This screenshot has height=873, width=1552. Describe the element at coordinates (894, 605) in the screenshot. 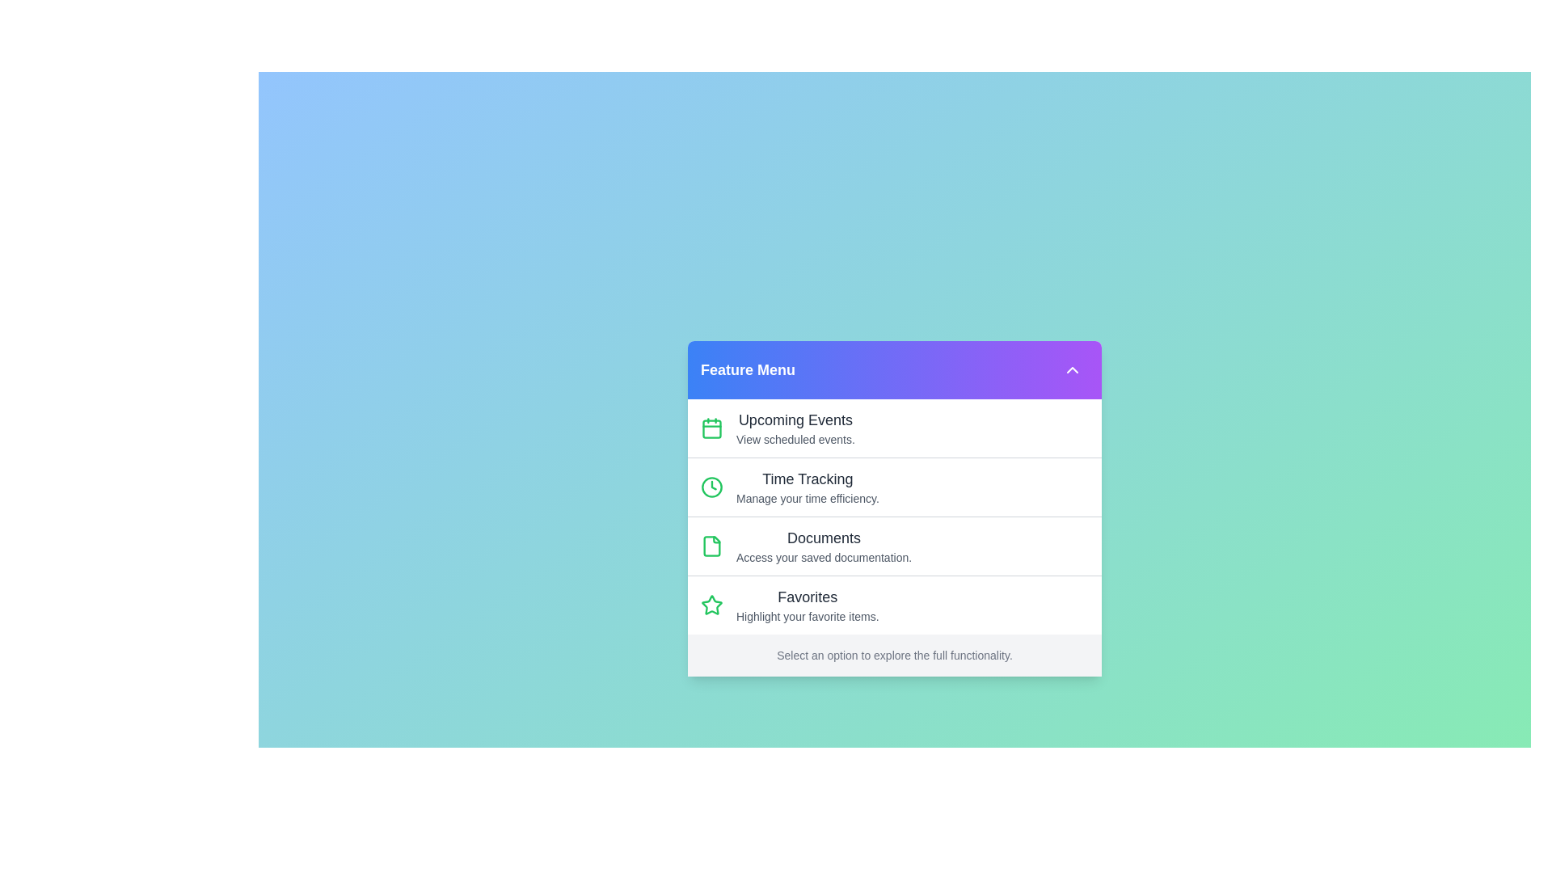

I see `the menu item Favorites by clicking on it` at that location.